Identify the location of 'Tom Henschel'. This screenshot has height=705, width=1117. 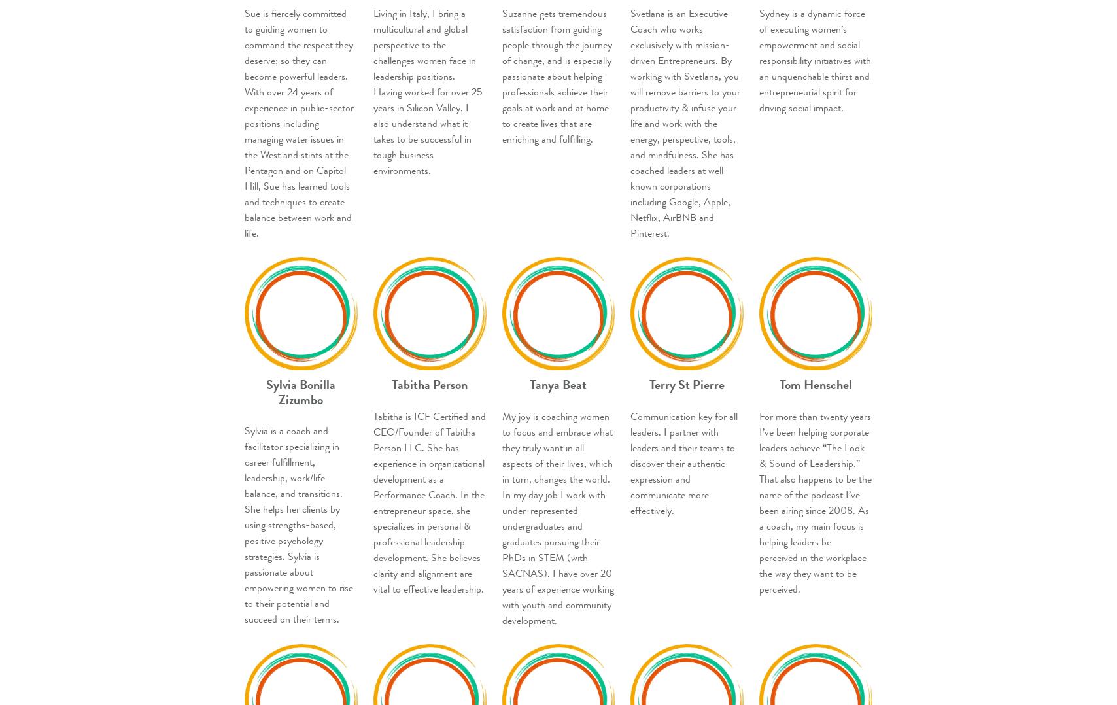
(816, 385).